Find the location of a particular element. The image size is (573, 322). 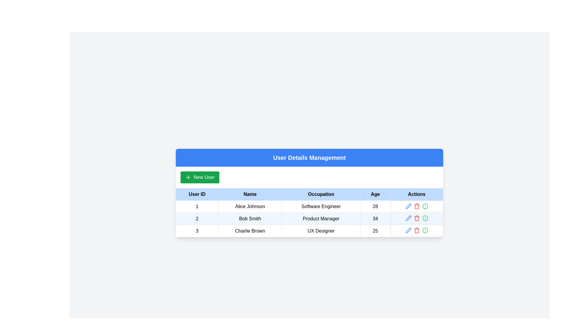

the edit icon button in the Actions column of the second row, which is horizontally aligned with the 'Bob Smith' entry, to initiate edit mode for the row is located at coordinates (408, 218).